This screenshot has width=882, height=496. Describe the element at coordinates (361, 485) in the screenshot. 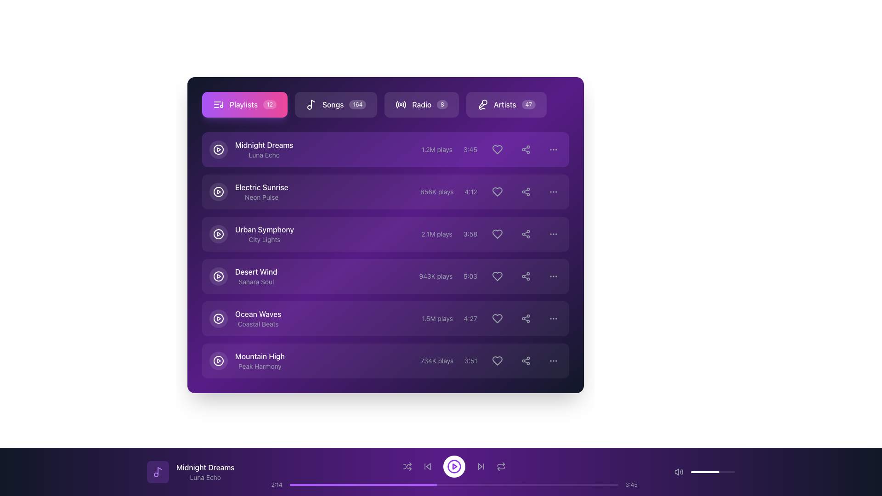

I see `playback time` at that location.